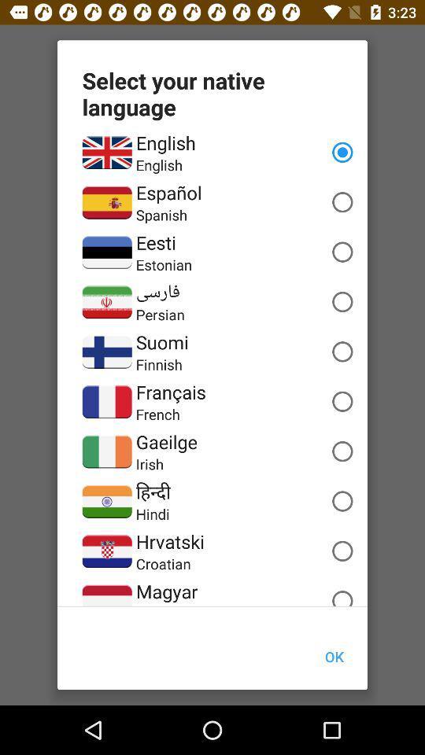 Image resolution: width=425 pixels, height=755 pixels. I want to click on the app above the hungarian item, so click(166, 591).